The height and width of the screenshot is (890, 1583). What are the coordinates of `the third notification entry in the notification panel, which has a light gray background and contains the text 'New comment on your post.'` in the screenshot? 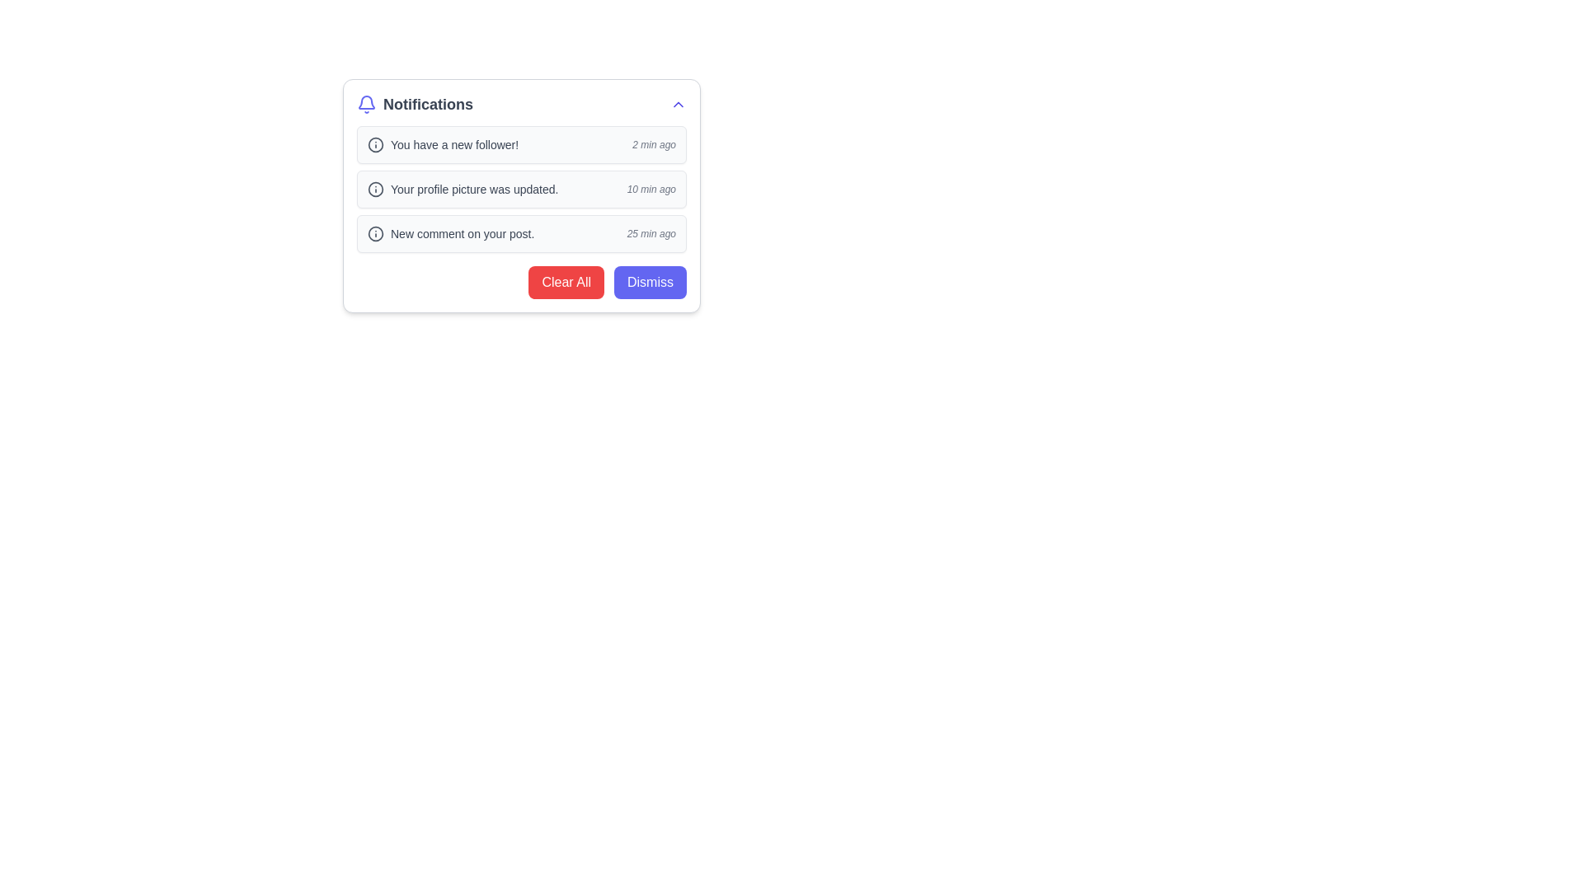 It's located at (521, 234).